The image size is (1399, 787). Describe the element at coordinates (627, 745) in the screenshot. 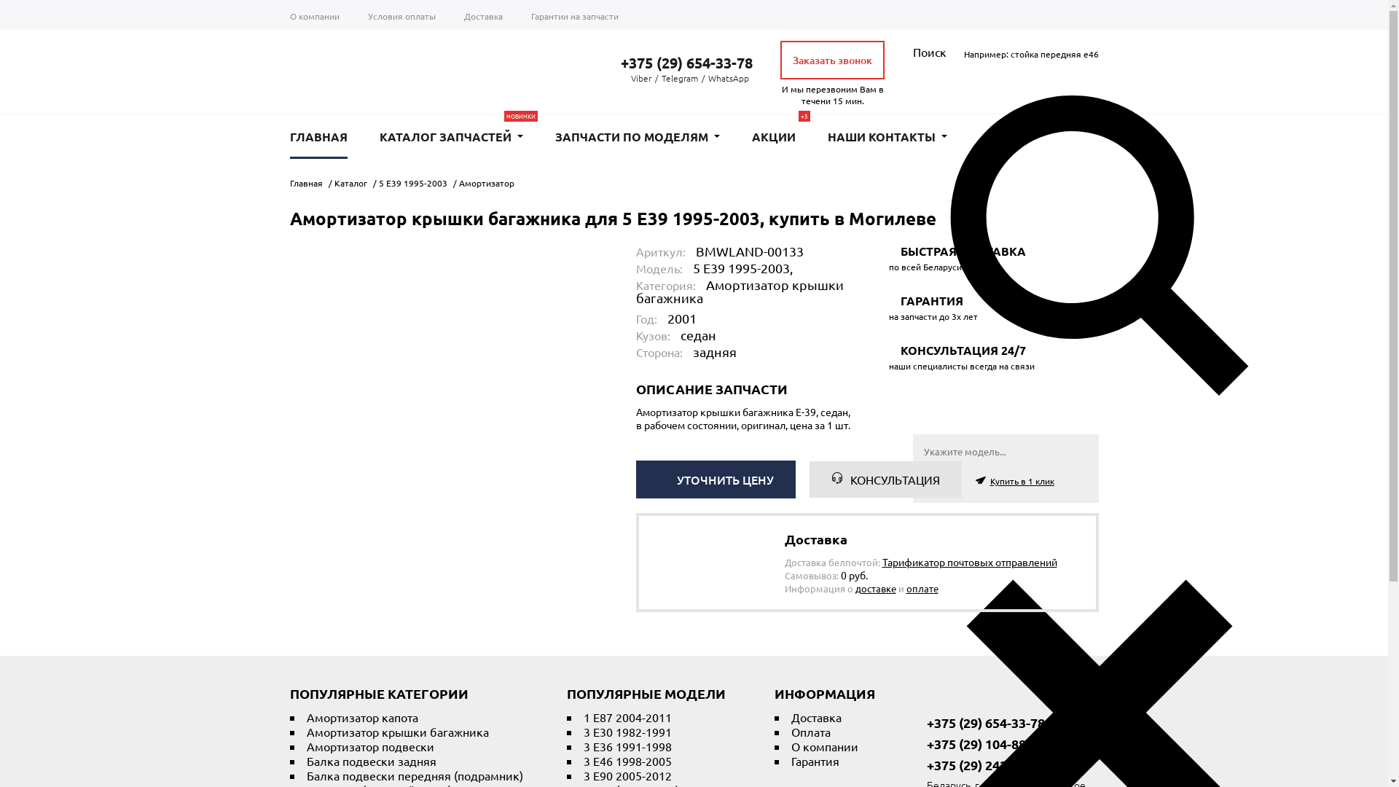

I see `'3 E36 1991-1998'` at that location.